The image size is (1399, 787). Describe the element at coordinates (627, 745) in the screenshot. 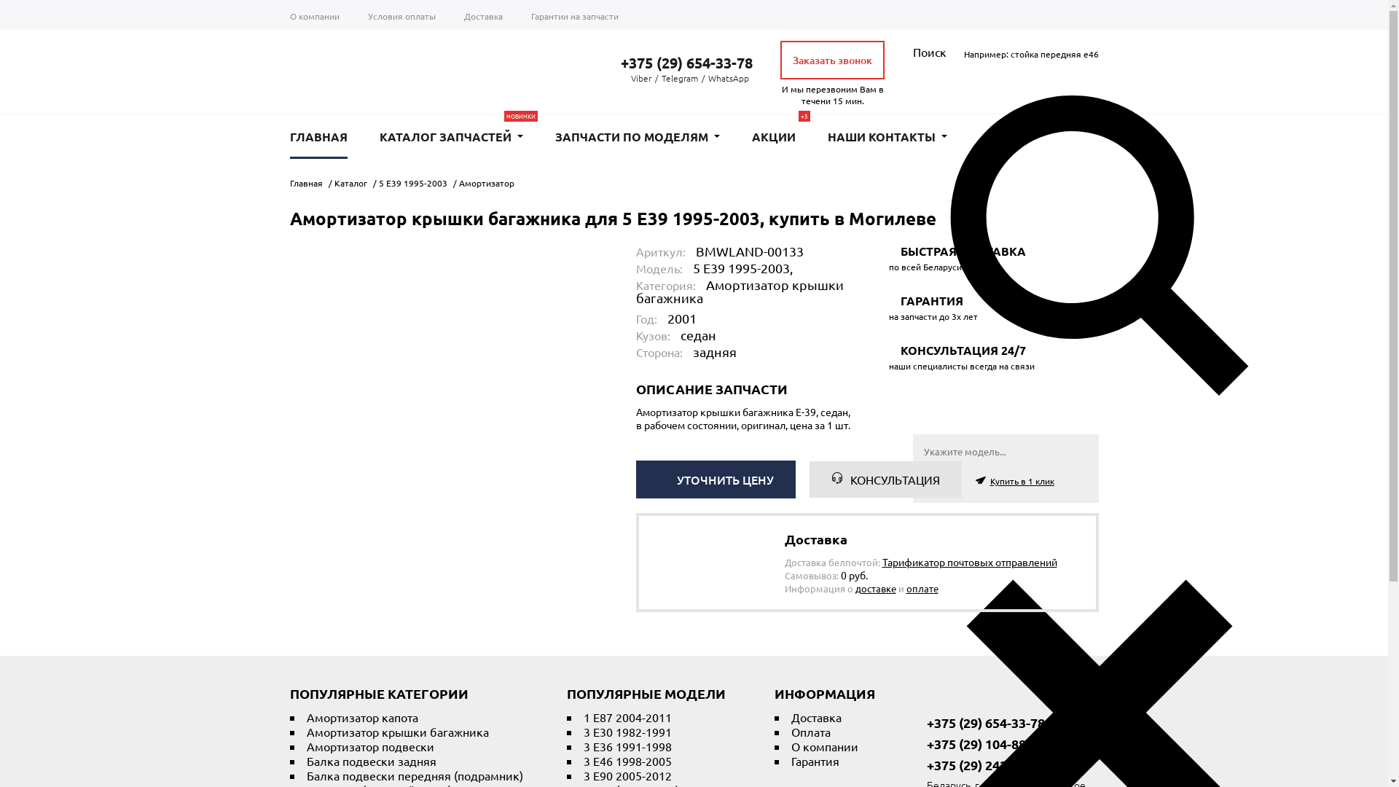

I see `'3 E36 1991-1998'` at that location.